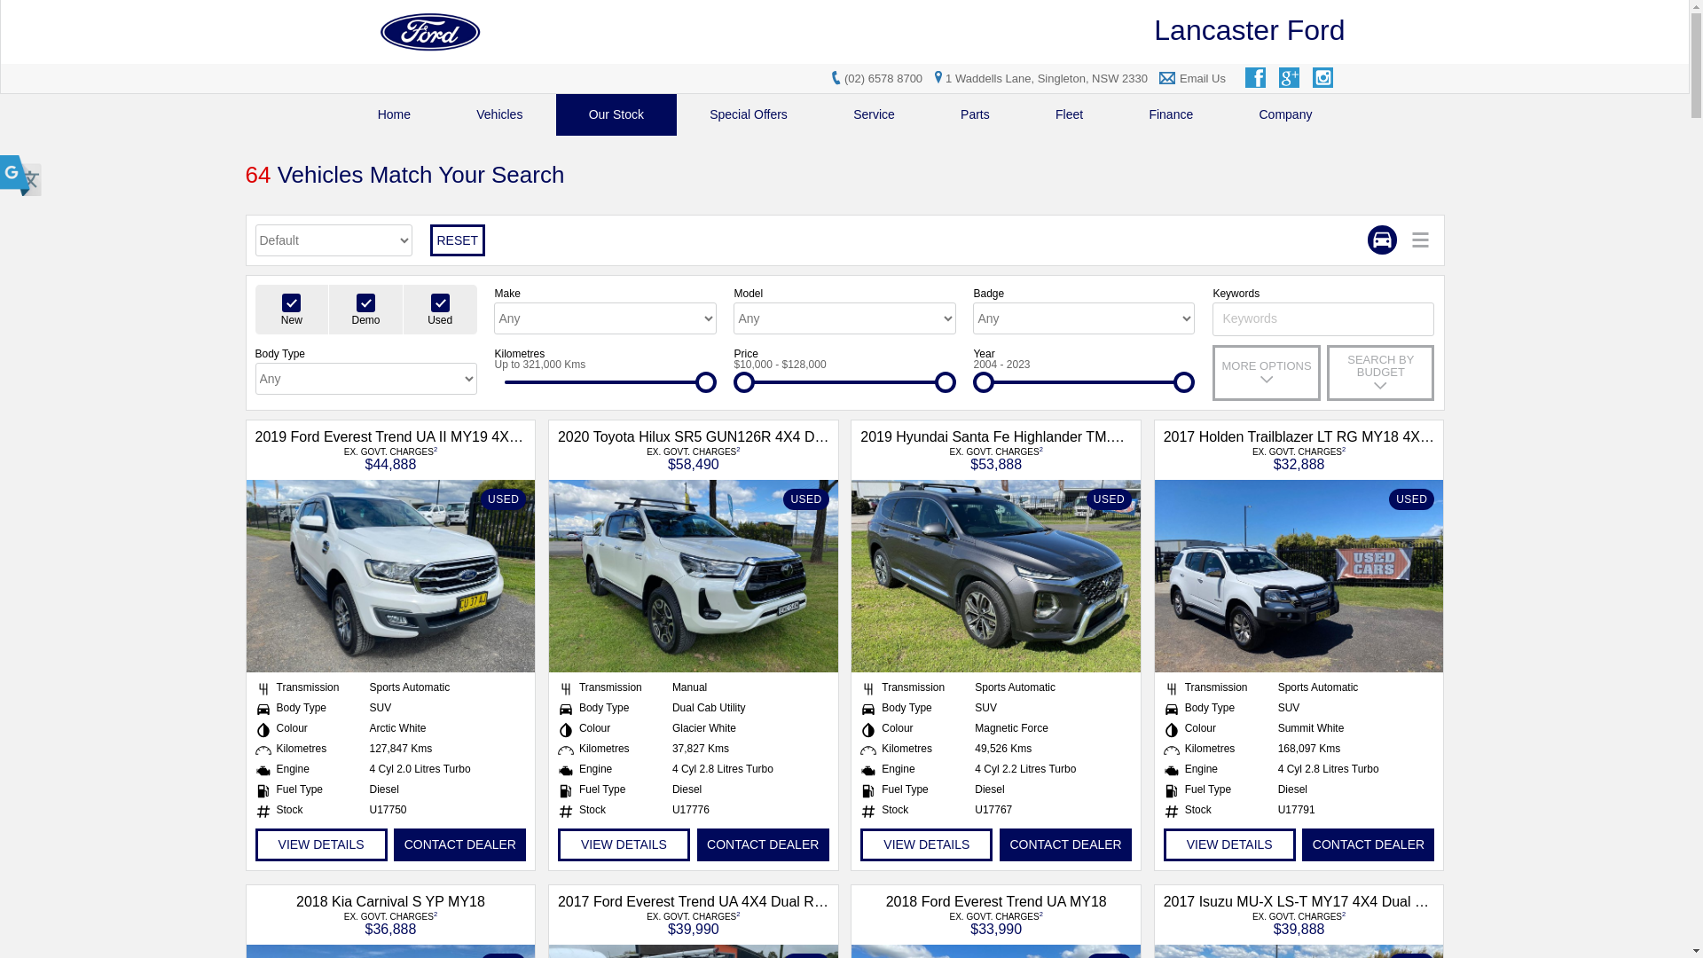  What do you see at coordinates (555, 114) in the screenshot?
I see `'Our Stock'` at bounding box center [555, 114].